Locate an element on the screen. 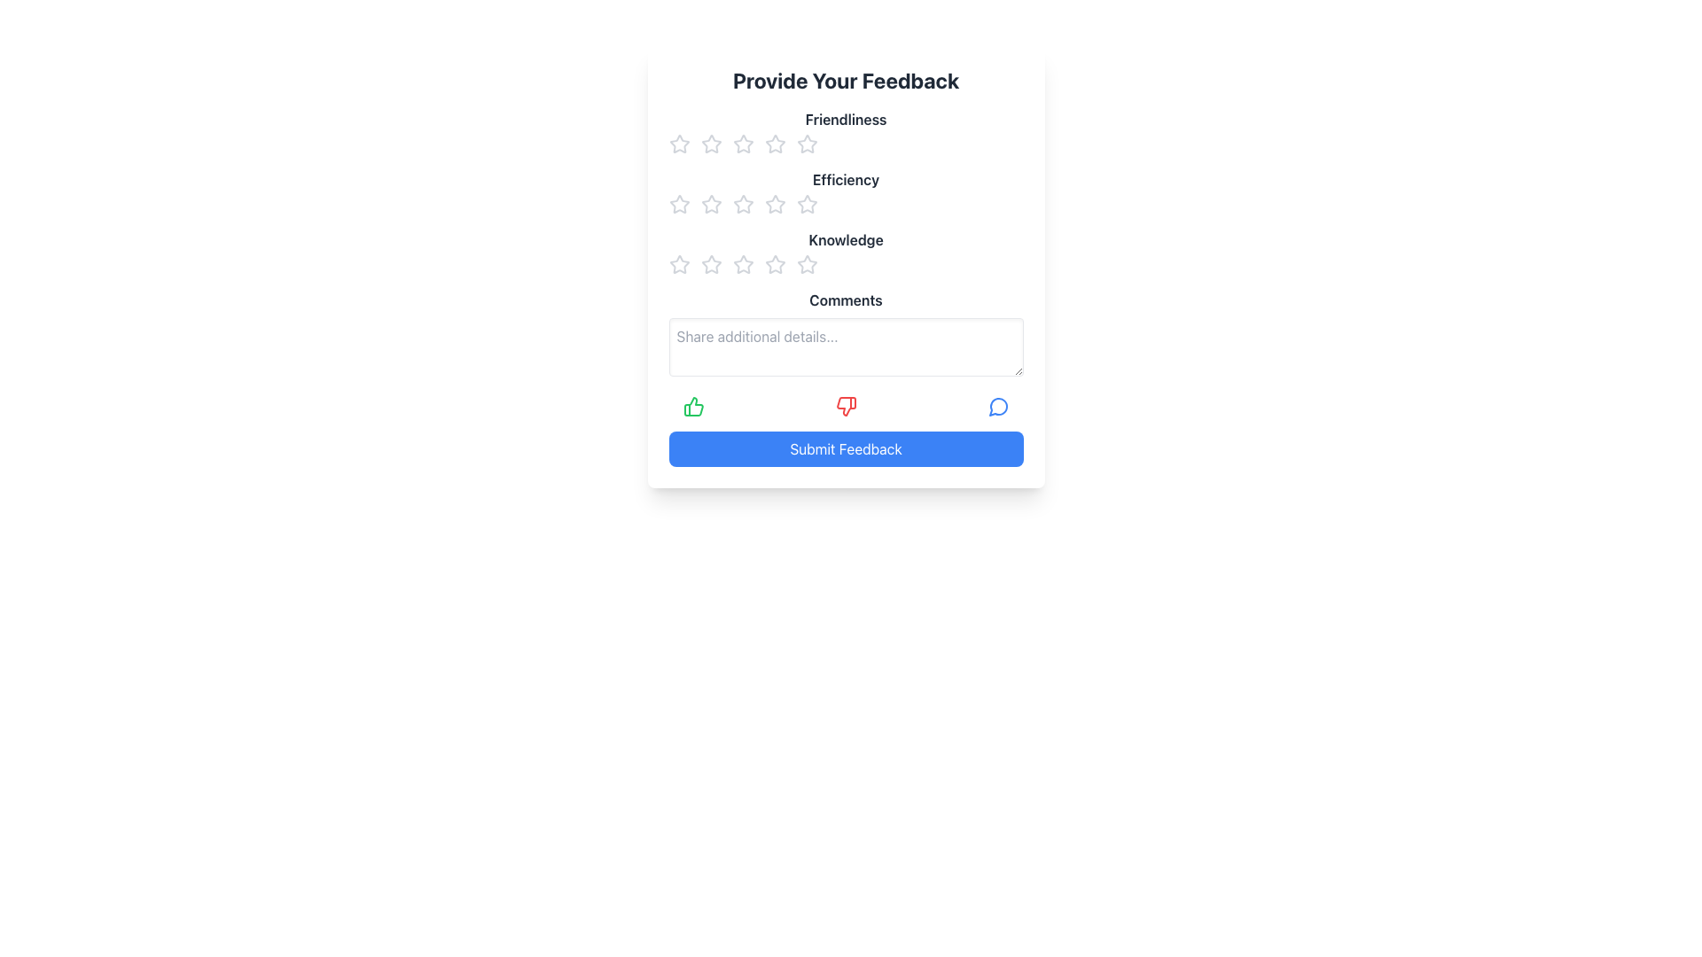 The width and height of the screenshot is (1702, 957). the second star icon in the 'Knowledge' section of the feedback form is located at coordinates (711, 264).